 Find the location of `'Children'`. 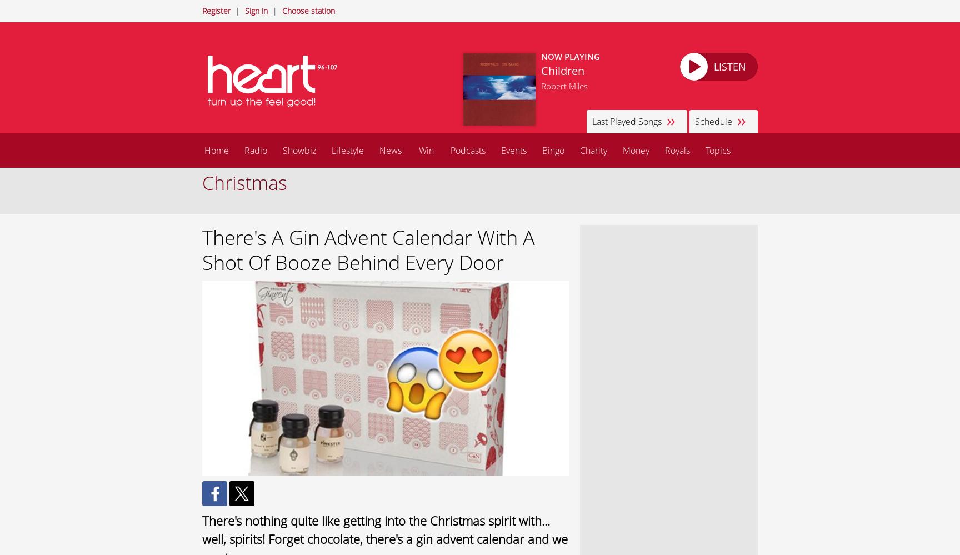

'Children' is located at coordinates (562, 71).